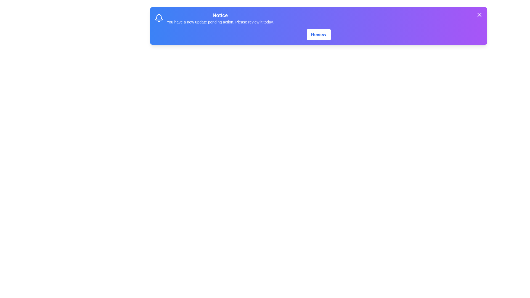 The height and width of the screenshot is (298, 530). Describe the element at coordinates (220, 15) in the screenshot. I see `text of the headline Text Label located in the center-left portion of the notification banner, above the description message` at that location.